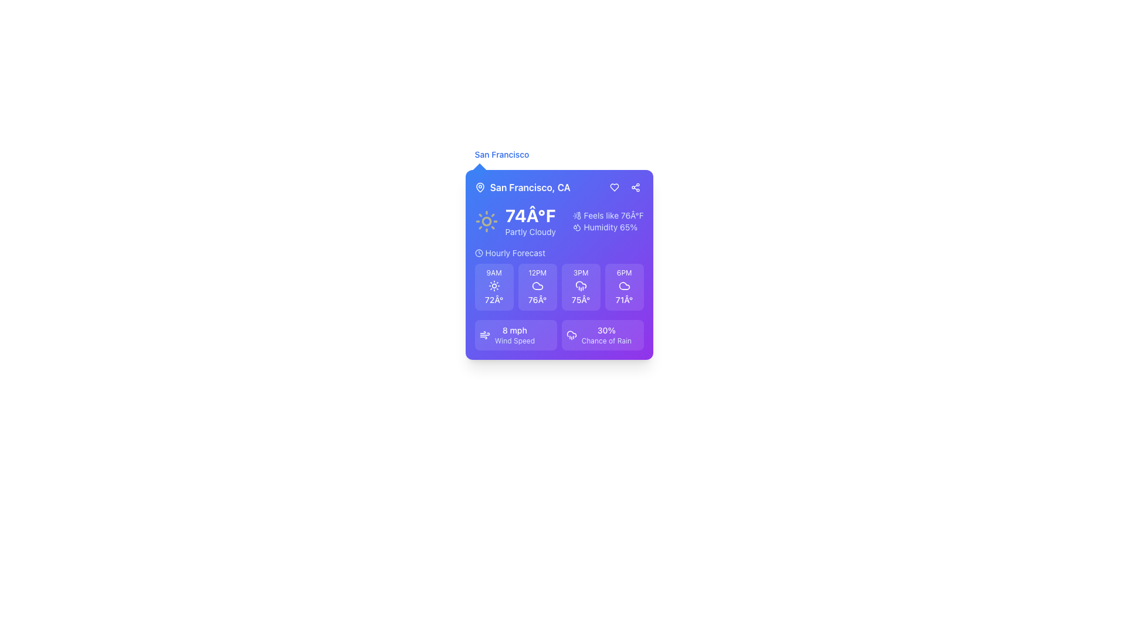 The width and height of the screenshot is (1126, 633). What do you see at coordinates (608, 227) in the screenshot?
I see `the text block displaying the current humidity level, located directly below the 'Feels like 76°F' text in the weather interface` at bounding box center [608, 227].